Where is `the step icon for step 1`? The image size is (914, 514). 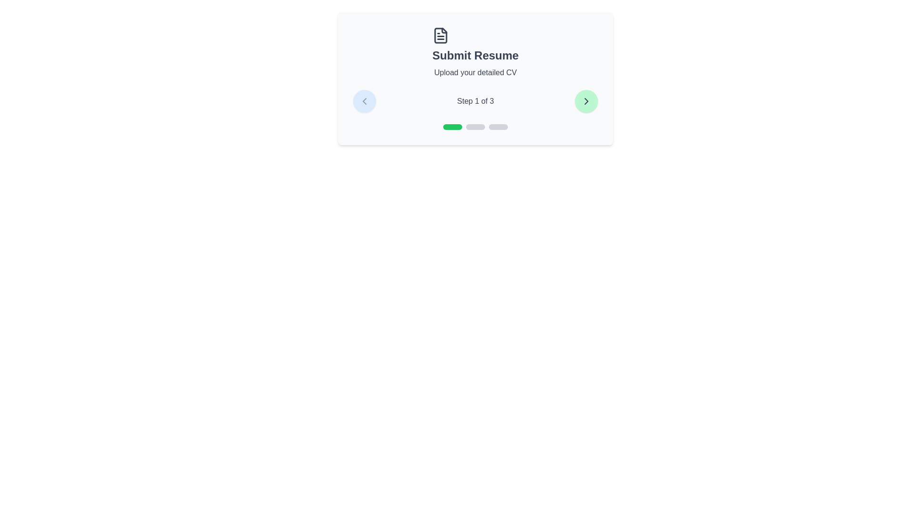 the step icon for step 1 is located at coordinates (440, 35).